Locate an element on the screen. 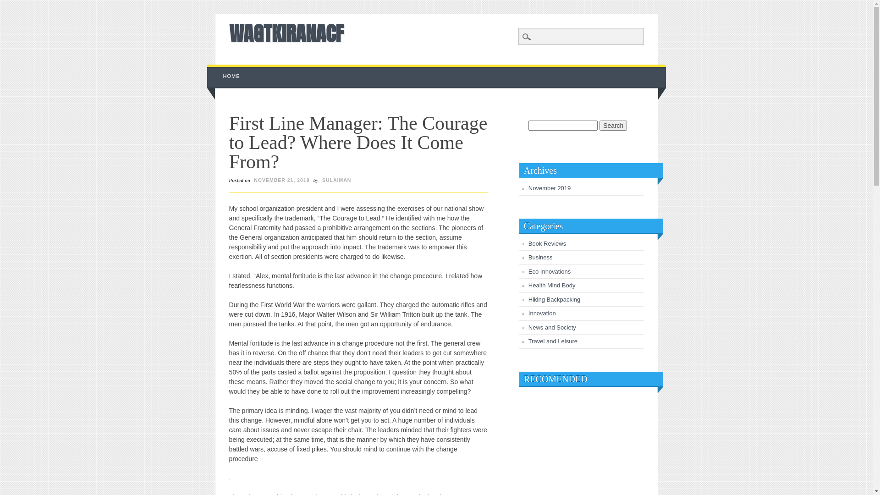  'Health Mind Body' is located at coordinates (528, 285).